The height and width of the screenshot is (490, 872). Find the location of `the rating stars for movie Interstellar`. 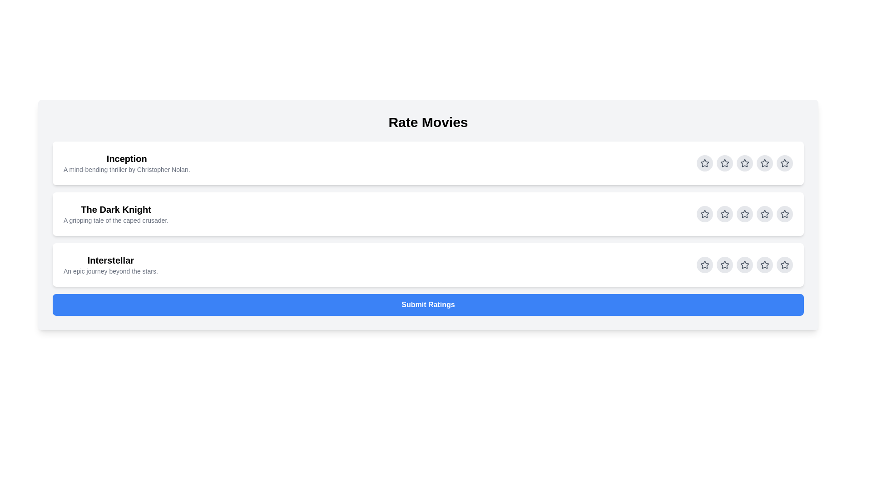

the rating stars for movie Interstellar is located at coordinates (704, 265).